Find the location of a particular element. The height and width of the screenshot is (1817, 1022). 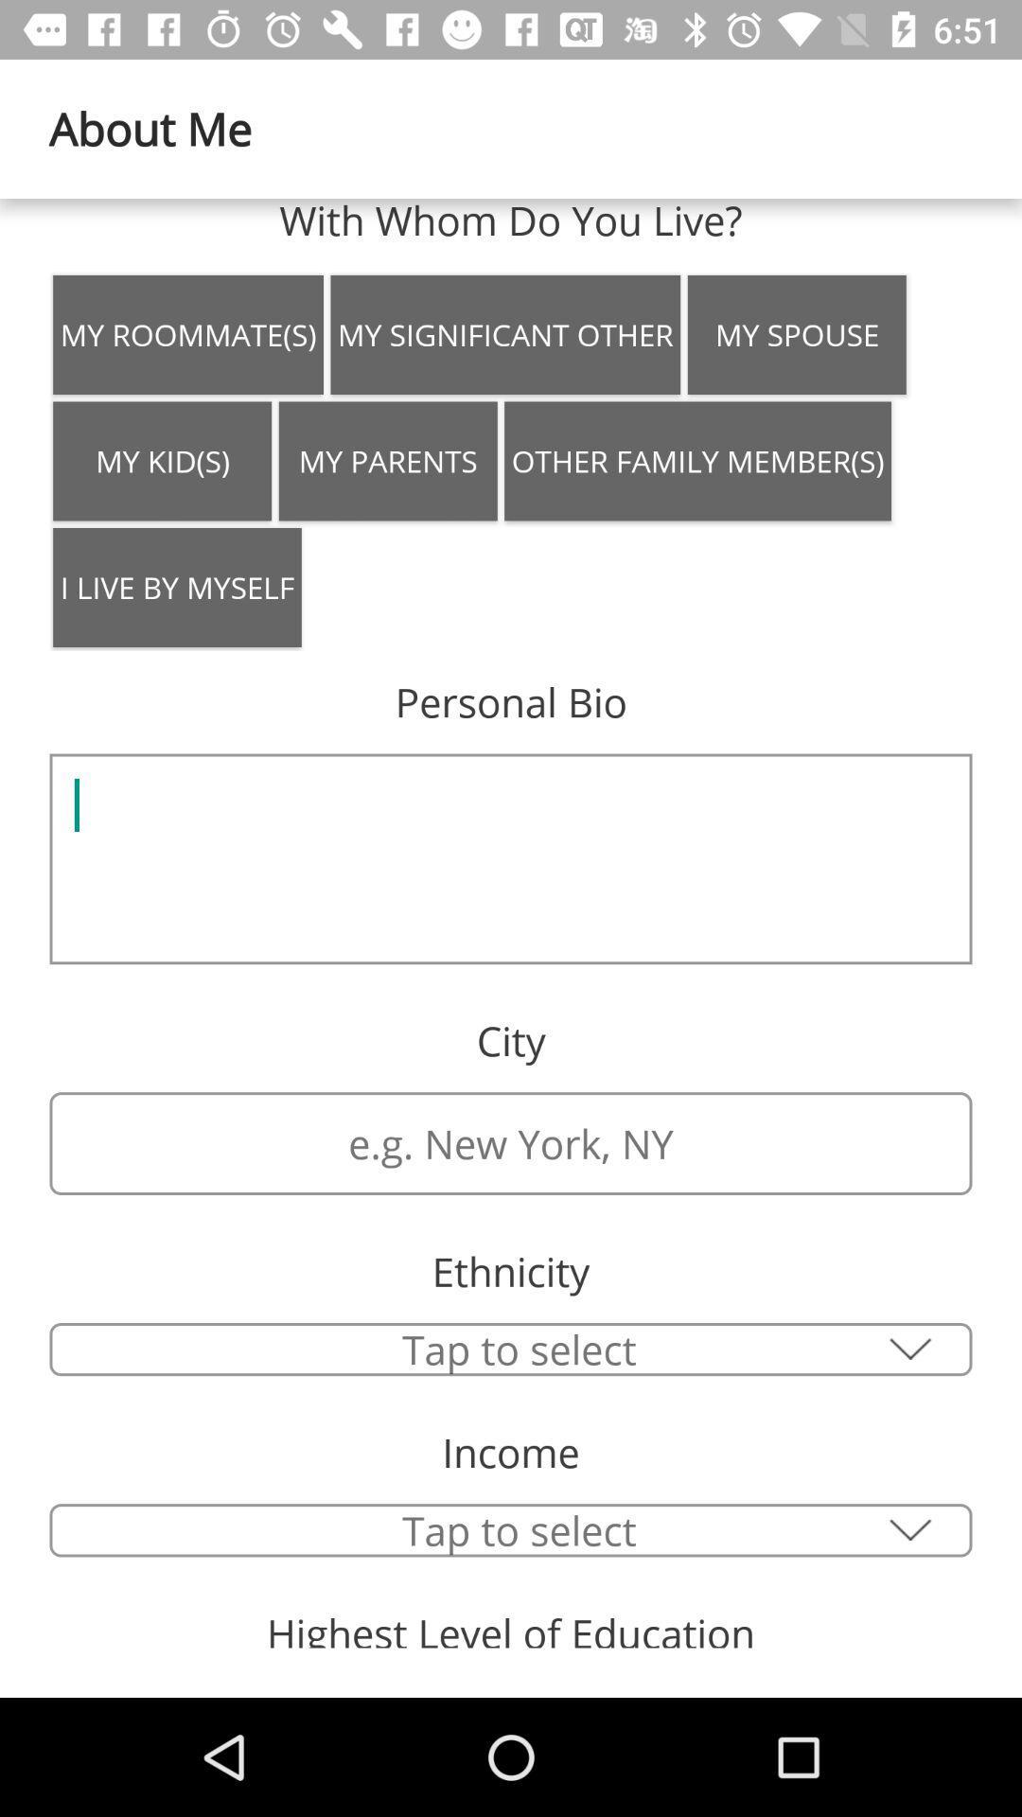

icon next to other family member item is located at coordinates (387, 461).